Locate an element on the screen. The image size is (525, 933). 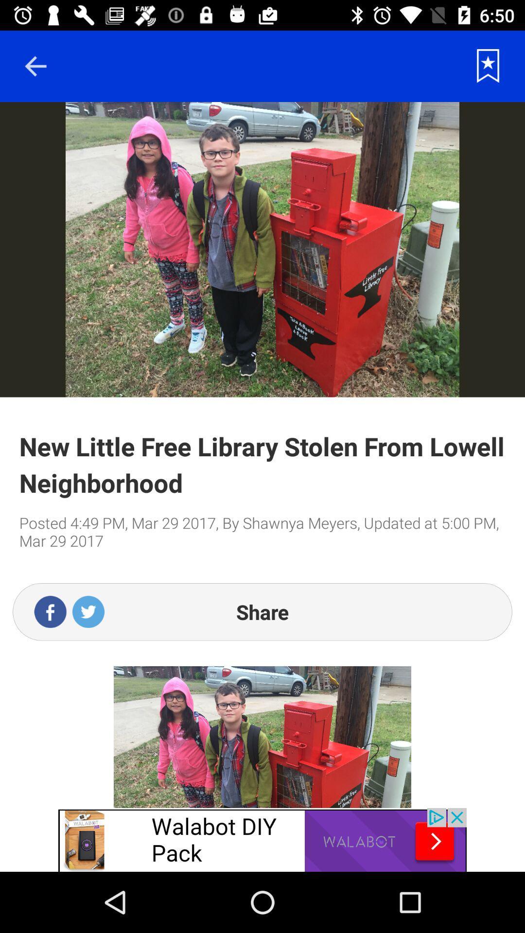
to save the page is located at coordinates (488, 66).